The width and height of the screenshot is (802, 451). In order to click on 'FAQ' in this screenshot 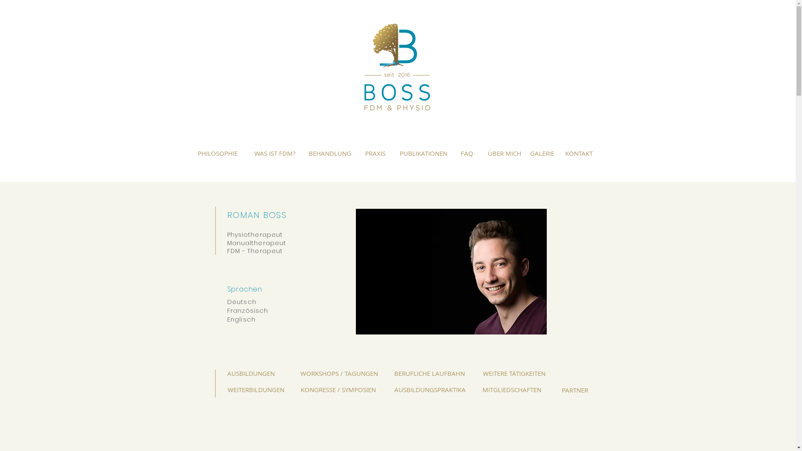, I will do `click(467, 153)`.